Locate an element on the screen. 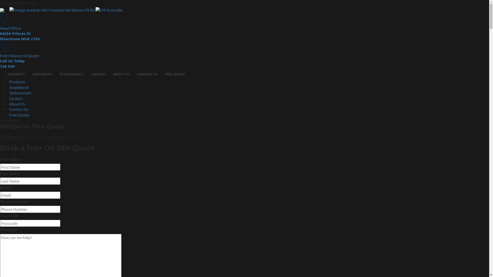 Image resolution: width=493 pixels, height=277 pixels. 'CAREERS' is located at coordinates (98, 74).